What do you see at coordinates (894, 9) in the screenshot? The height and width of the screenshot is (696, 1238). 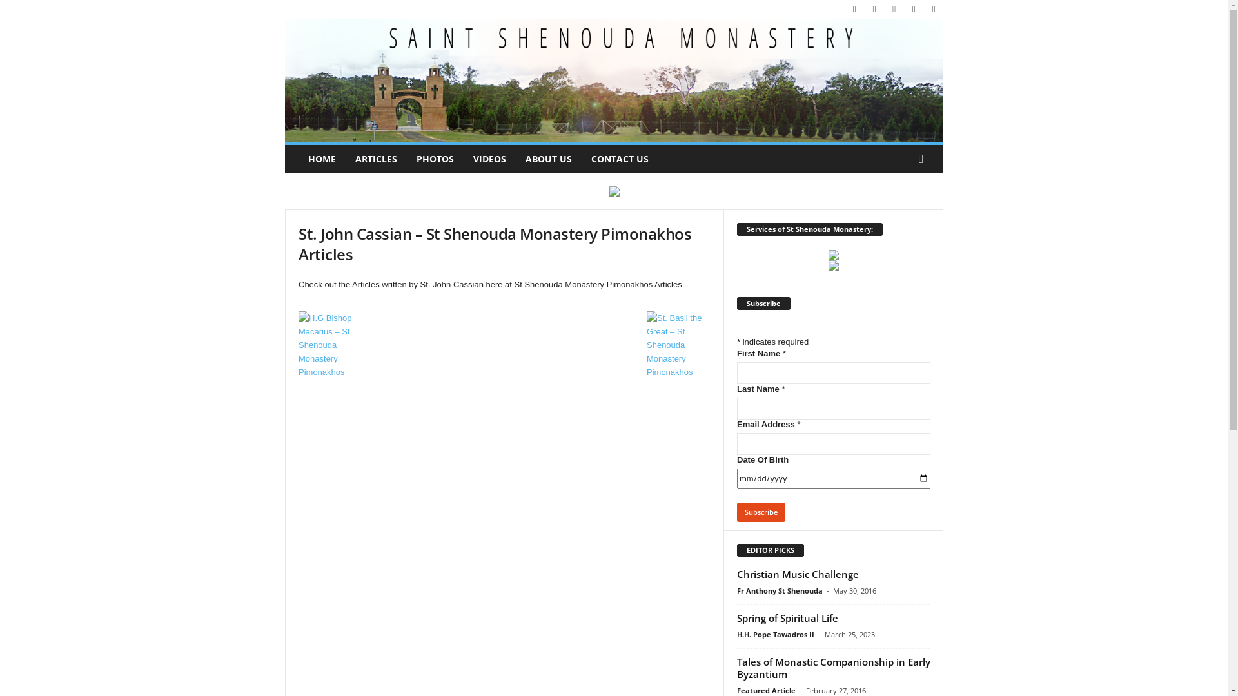 I see `'Soundcloud'` at bounding box center [894, 9].